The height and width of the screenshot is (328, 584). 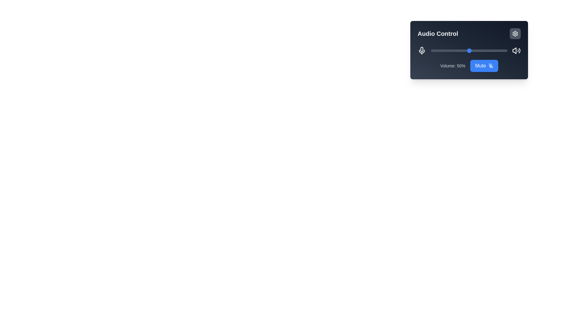 I want to click on the audio volume, so click(x=445, y=50).